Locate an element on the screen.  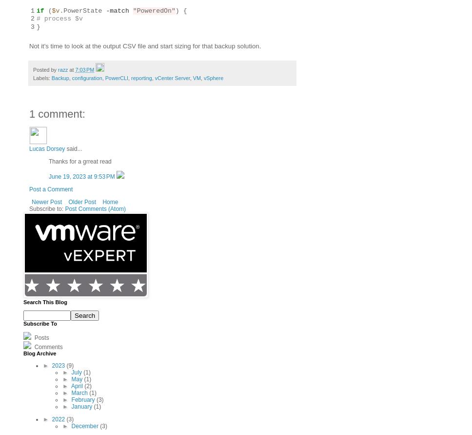
'Blog Archive' is located at coordinates (39, 352).